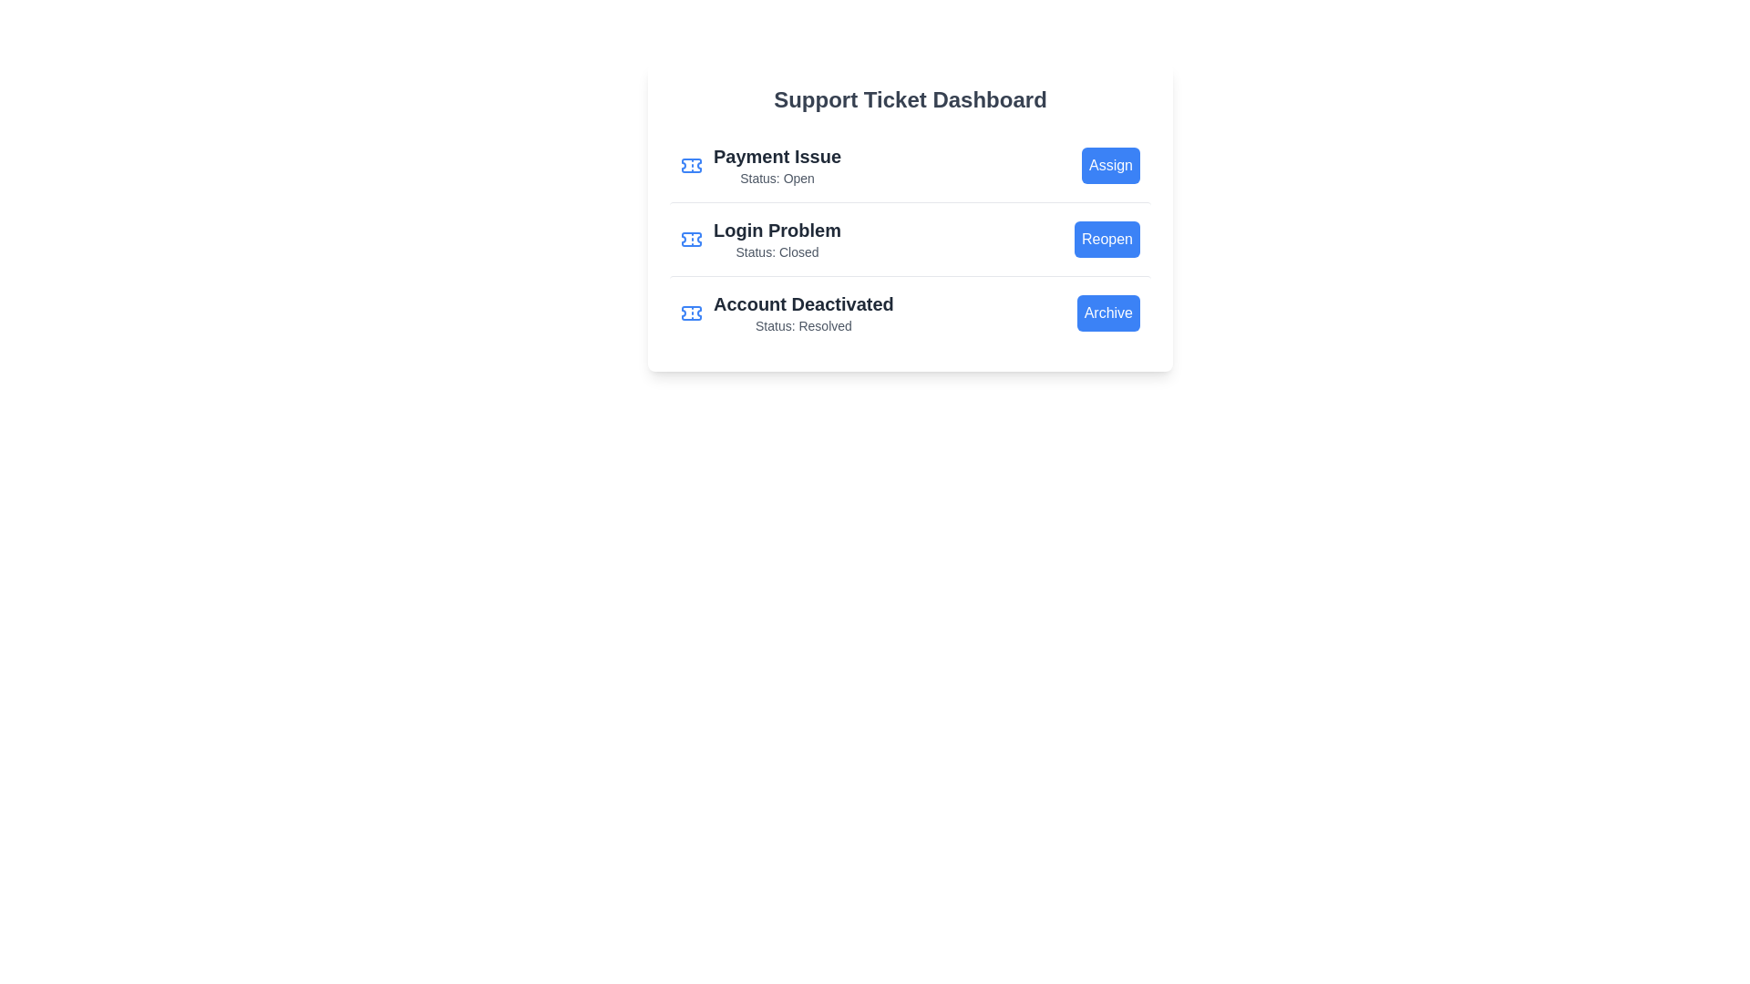 This screenshot has height=984, width=1750. I want to click on the ticket title Login Problem from the list, so click(761, 238).